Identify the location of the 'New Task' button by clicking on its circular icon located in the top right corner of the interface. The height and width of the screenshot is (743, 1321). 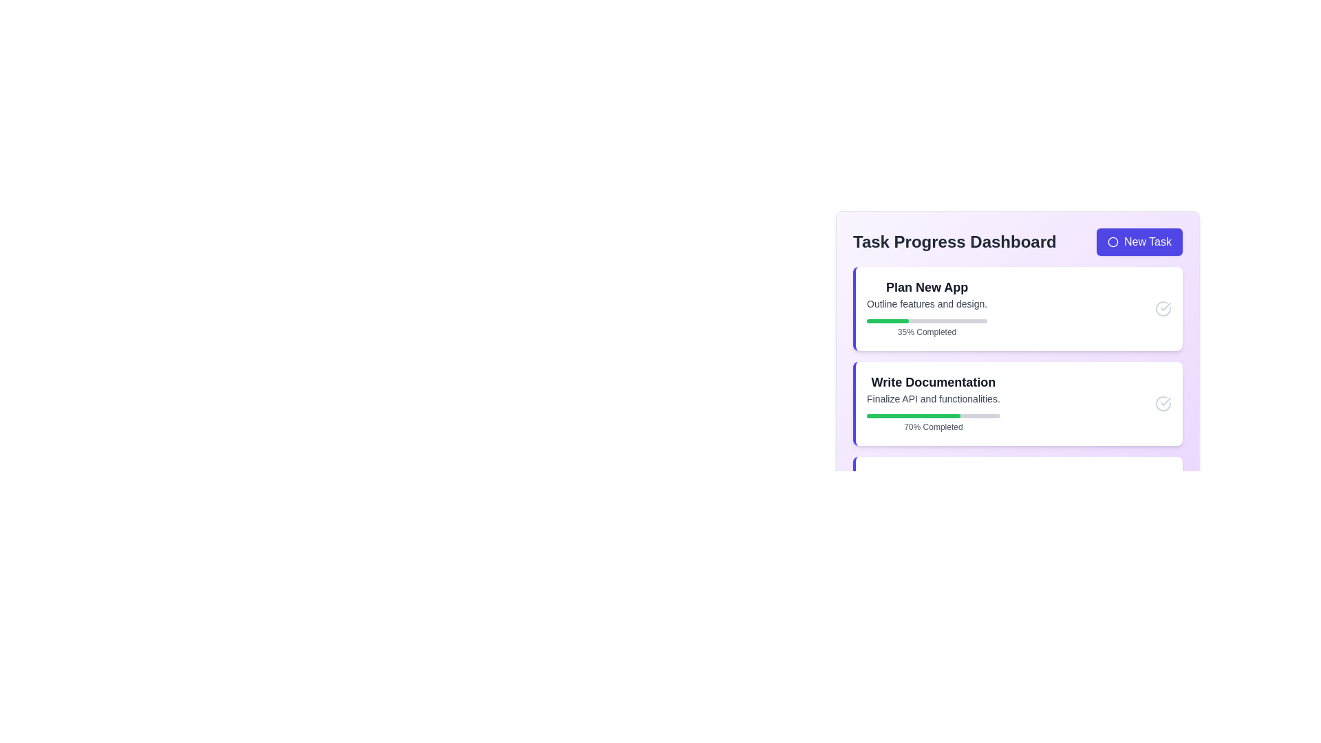
(1113, 241).